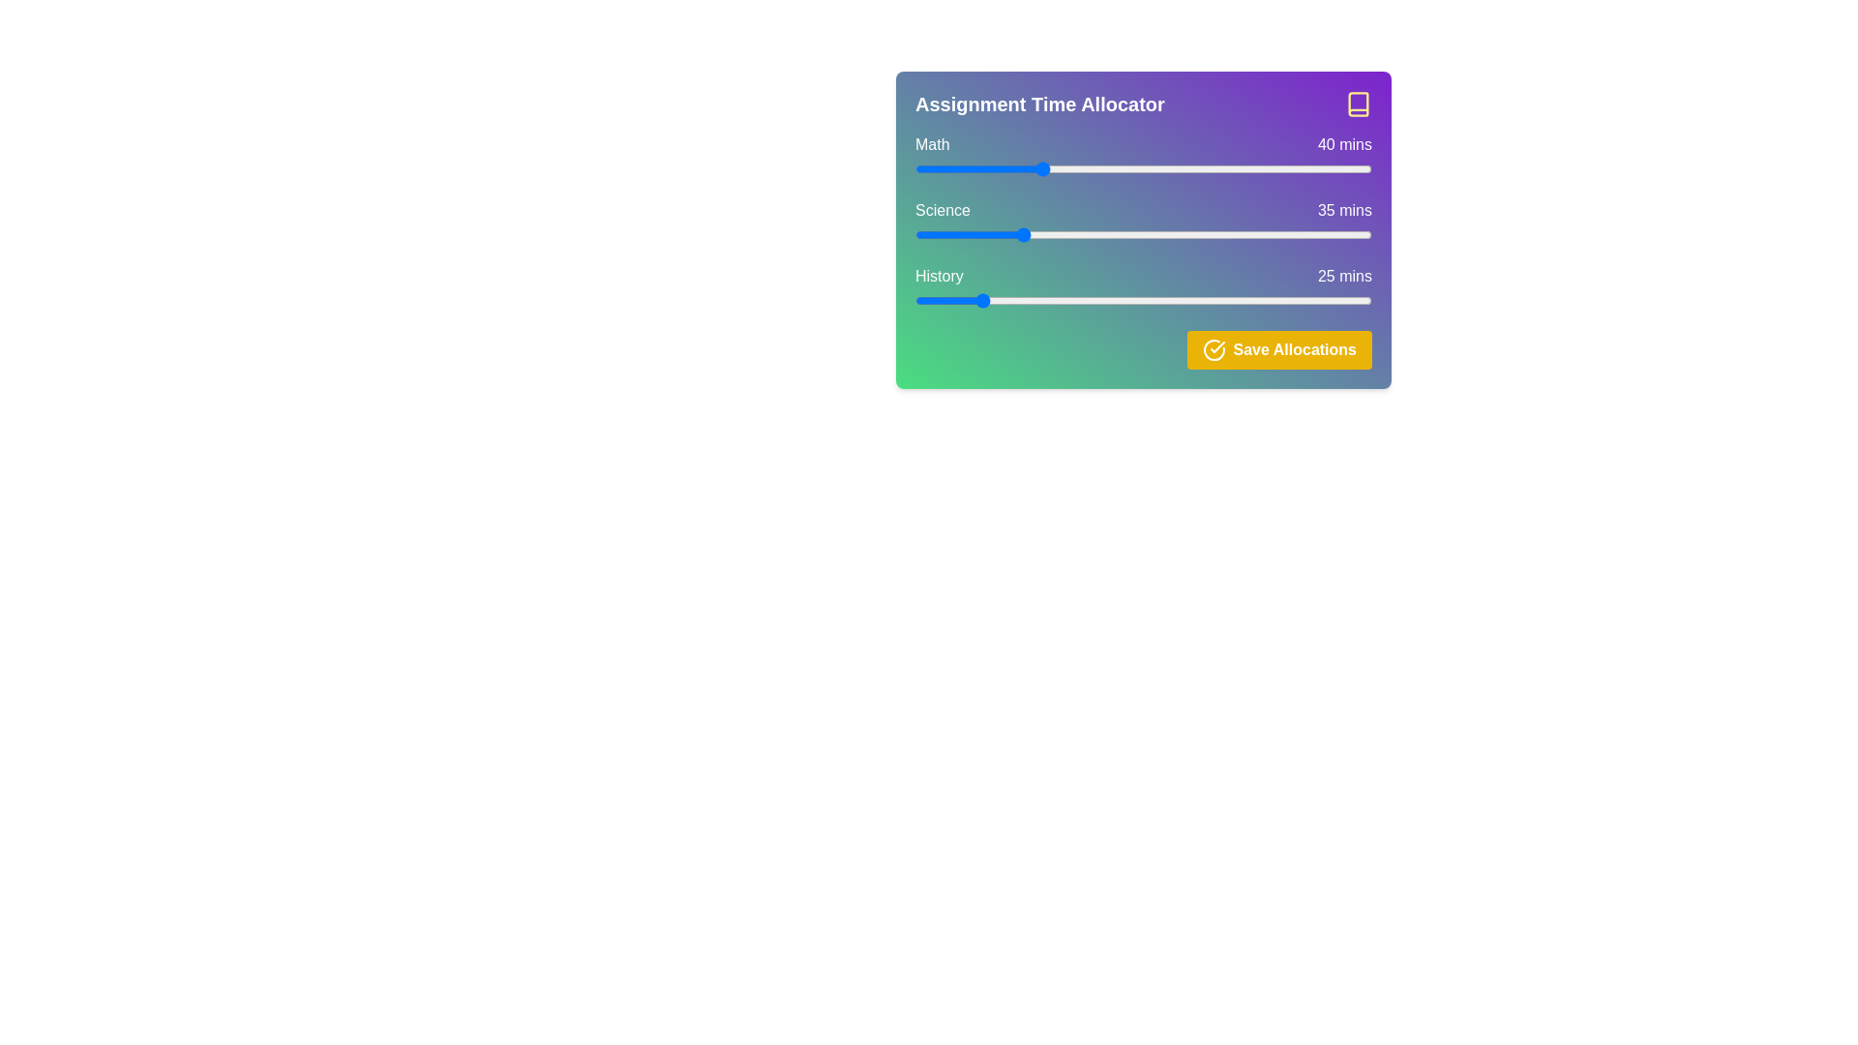 Image resolution: width=1858 pixels, height=1045 pixels. Describe the element at coordinates (1192, 301) in the screenshot. I see `the history allocation time` at that location.